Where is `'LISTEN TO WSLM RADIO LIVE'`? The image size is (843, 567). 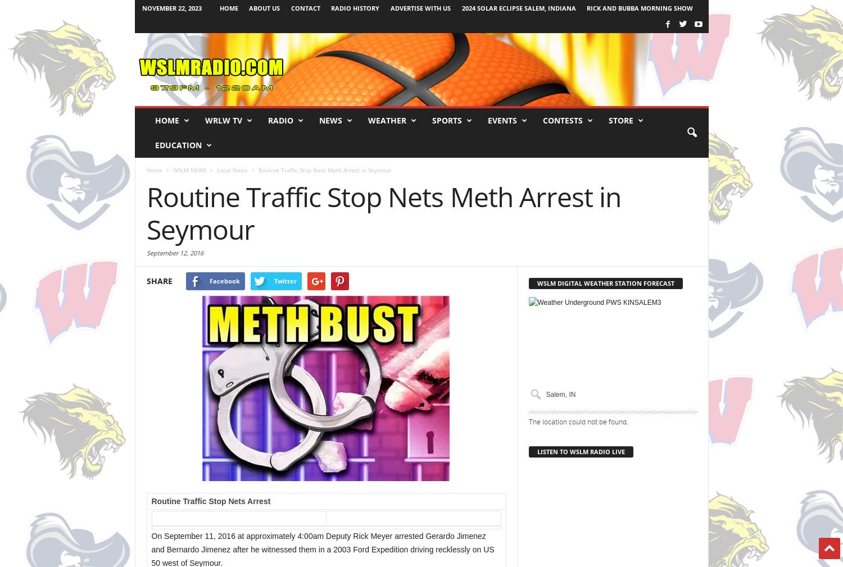 'LISTEN TO WSLM RADIO LIVE' is located at coordinates (581, 451).